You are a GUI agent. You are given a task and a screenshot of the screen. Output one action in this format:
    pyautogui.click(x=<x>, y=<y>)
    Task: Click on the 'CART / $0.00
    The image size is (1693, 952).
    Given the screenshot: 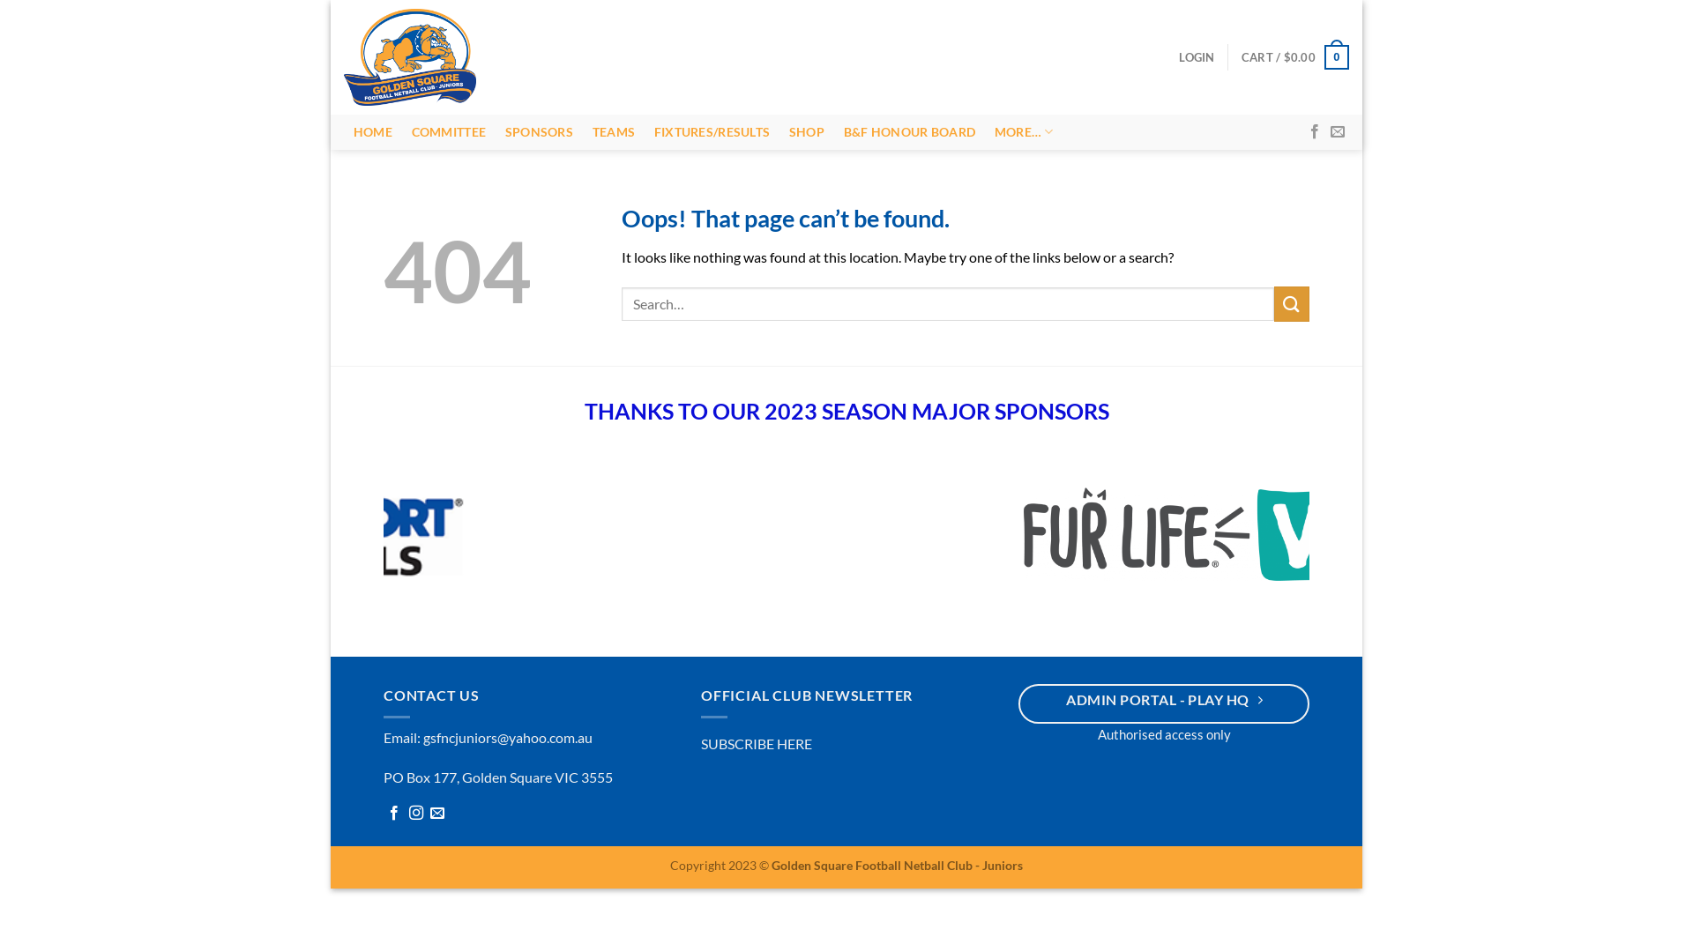 What is the action you would take?
    pyautogui.click(x=1240, y=56)
    